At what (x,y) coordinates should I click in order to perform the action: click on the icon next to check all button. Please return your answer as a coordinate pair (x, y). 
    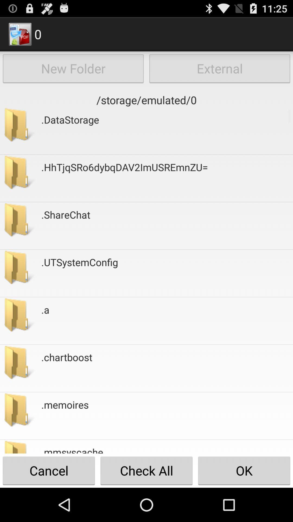
    Looking at the image, I should click on (244, 470).